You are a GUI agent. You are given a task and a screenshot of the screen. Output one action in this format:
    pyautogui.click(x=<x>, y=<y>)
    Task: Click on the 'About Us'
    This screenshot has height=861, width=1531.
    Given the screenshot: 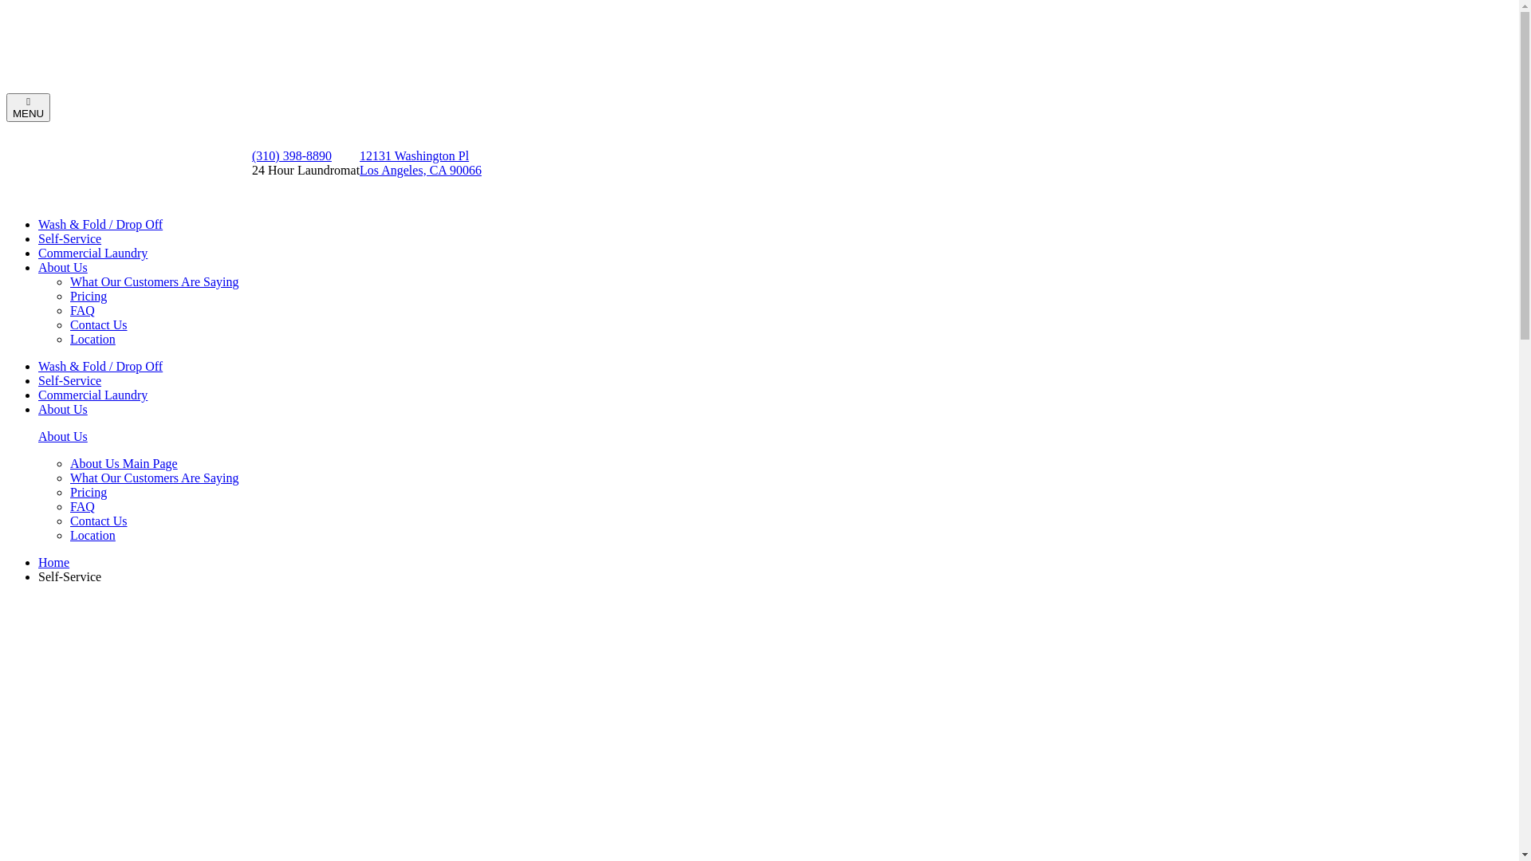 What is the action you would take?
    pyautogui.click(x=62, y=436)
    